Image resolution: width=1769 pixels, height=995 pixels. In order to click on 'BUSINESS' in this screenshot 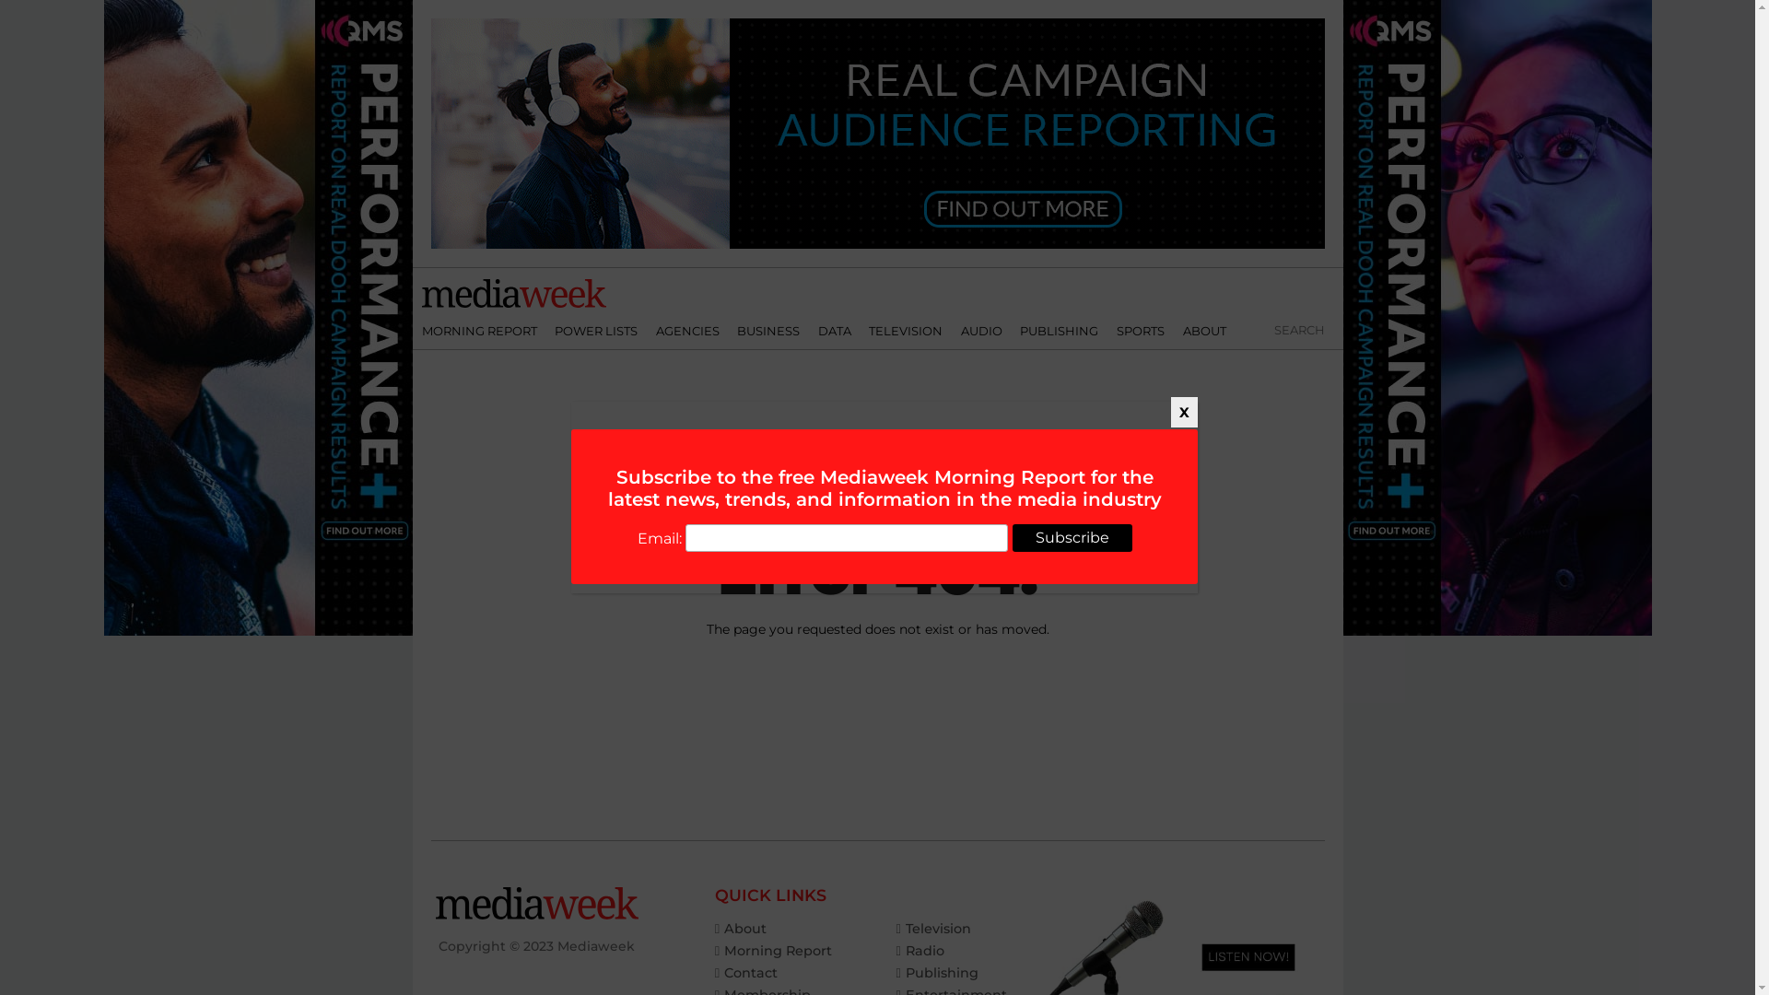, I will do `click(727, 329)`.